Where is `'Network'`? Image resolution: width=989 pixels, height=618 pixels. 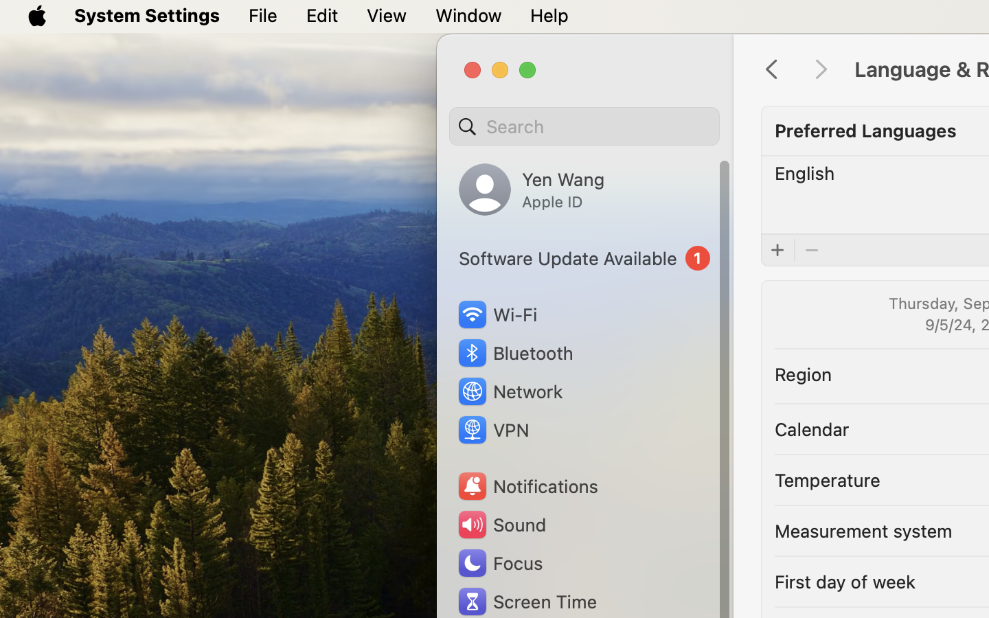 'Network' is located at coordinates (509, 391).